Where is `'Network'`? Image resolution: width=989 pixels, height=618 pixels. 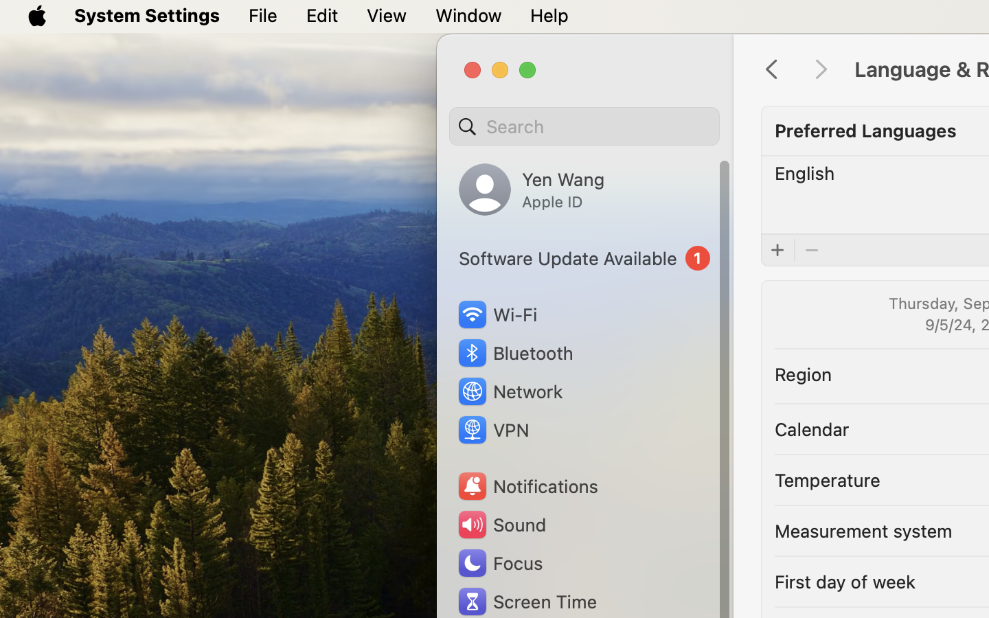 'Network' is located at coordinates (509, 391).